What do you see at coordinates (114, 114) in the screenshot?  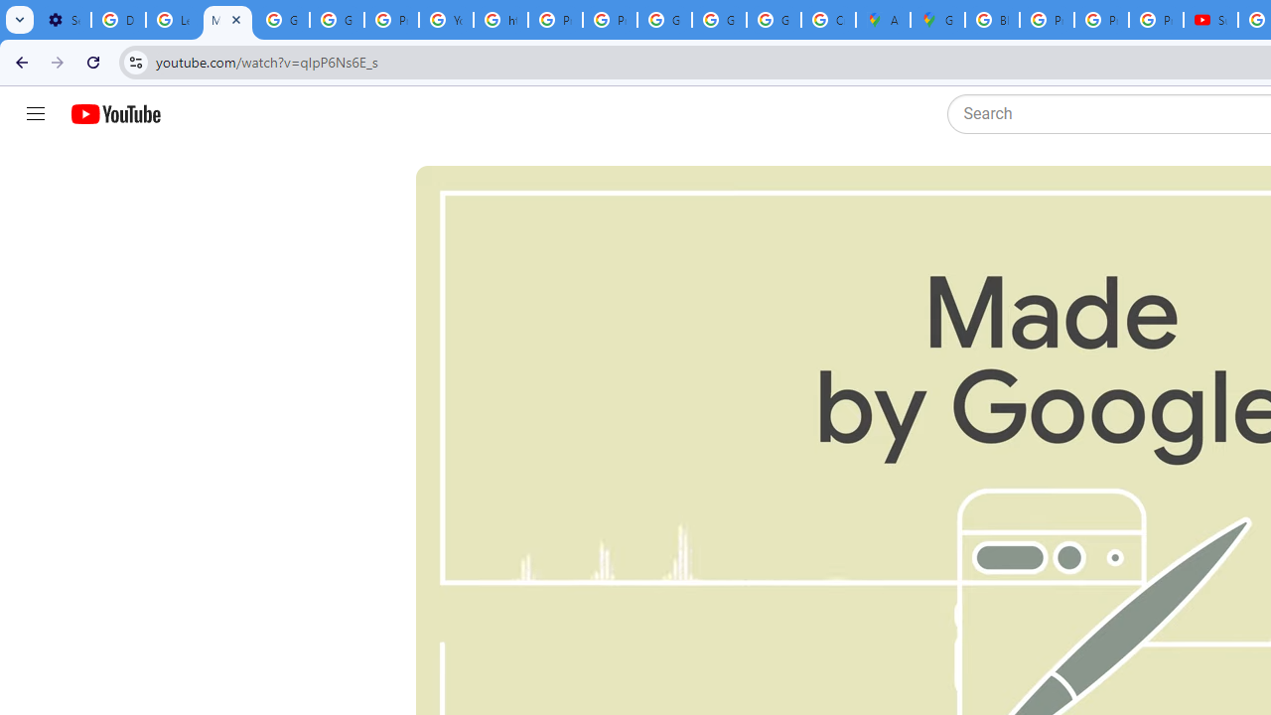 I see `'YouTube Home'` at bounding box center [114, 114].